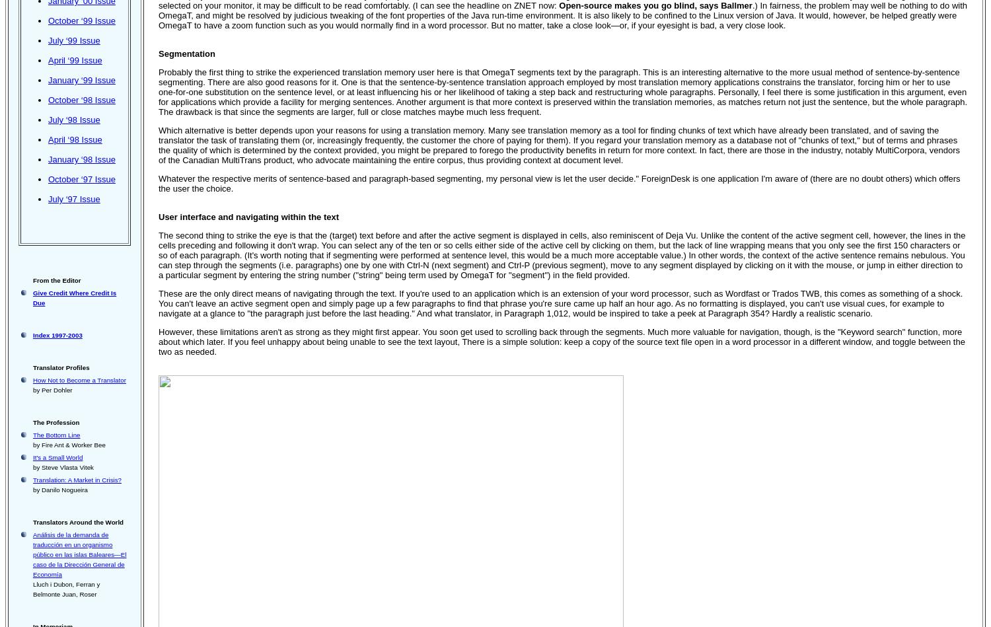 This screenshot has height=627, width=991. I want to click on 'The second thing to strike the eye is that the (target) text before and after the active segment is displayed in cells, also reminiscent of Deja Vu. Unlike the content of the active segment cell, however, the lines in the cells preceding and following it don't wrap. You can select any of the ten or so cells either side of the active cell by clicking on them, but the lack of line wrapping means that you only see the first 150 characters or so of each paragraph. (It's worth noting that if segmenting were performed at sentence level, this would be a much more acceptable value.) In other words, the context of the active sentence remains nebulous. You can step through the segments (i.e. paragraphs) one by one with Ctrl-N (next segment) and Ctrl-P (previous segment), move to any segment displayed by clicking on it with the mouse, or jump in either direction to a particular segment by entering the string number ("string" being term used by OmegaT for "segment") in the field provided.', so click(561, 255).